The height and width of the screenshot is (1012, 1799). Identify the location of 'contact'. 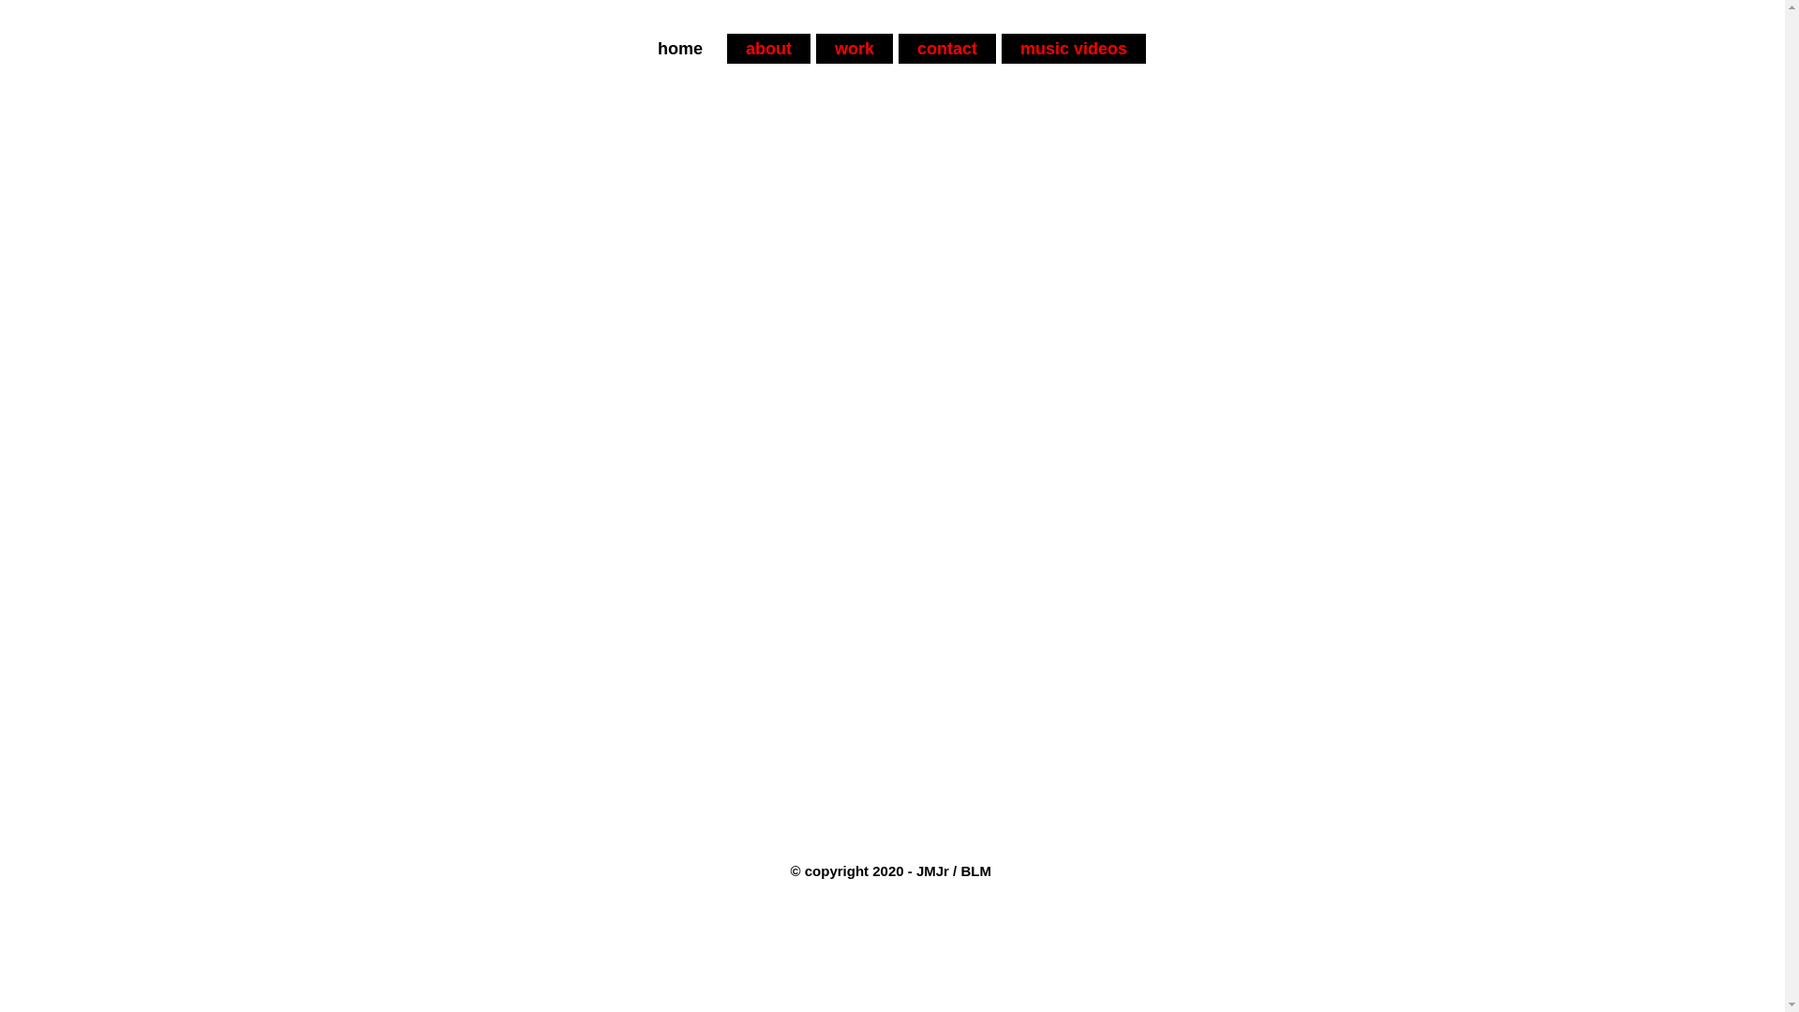
(947, 47).